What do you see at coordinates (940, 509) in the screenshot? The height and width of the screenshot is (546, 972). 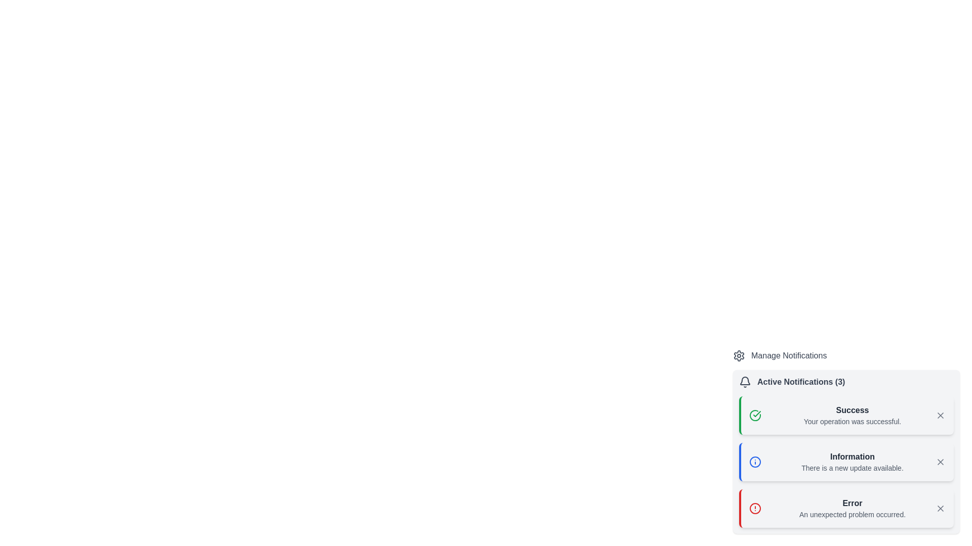 I see `the close button located in the top-right corner of the error notification box` at bounding box center [940, 509].